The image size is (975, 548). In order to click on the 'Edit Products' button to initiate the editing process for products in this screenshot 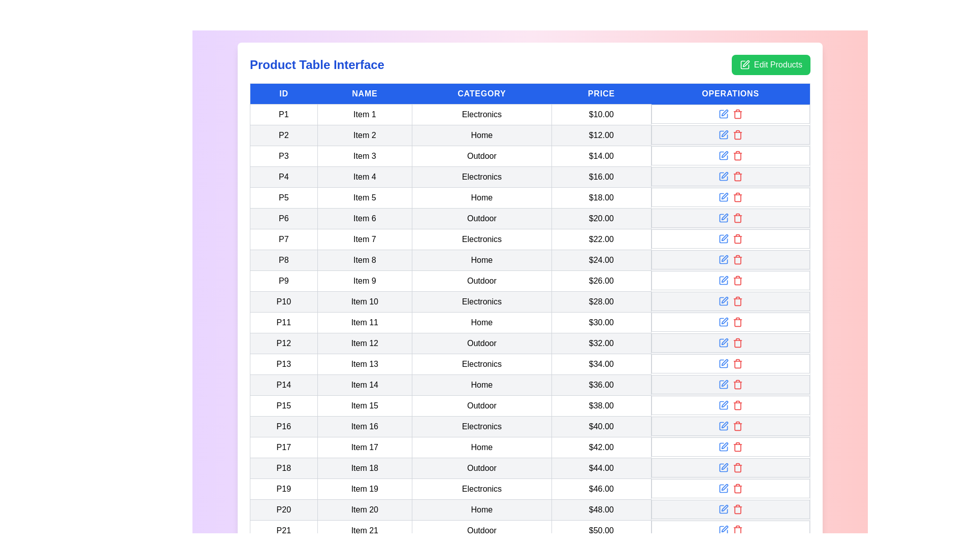, I will do `click(770, 64)`.